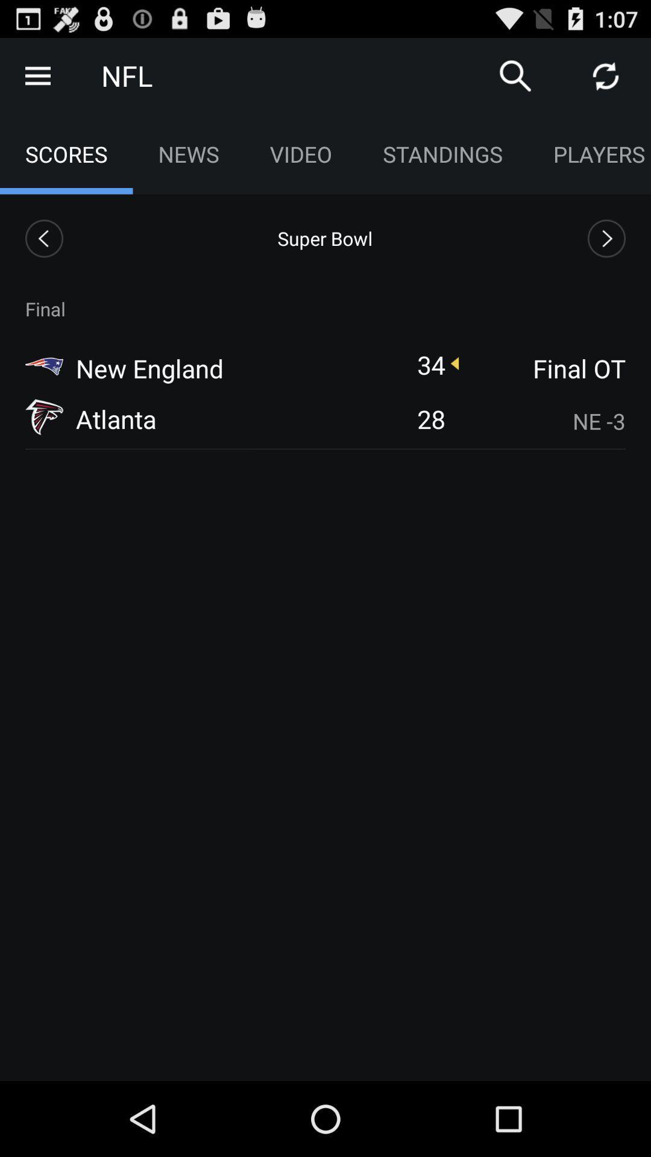 This screenshot has width=651, height=1157. I want to click on 34 app, so click(430, 364).